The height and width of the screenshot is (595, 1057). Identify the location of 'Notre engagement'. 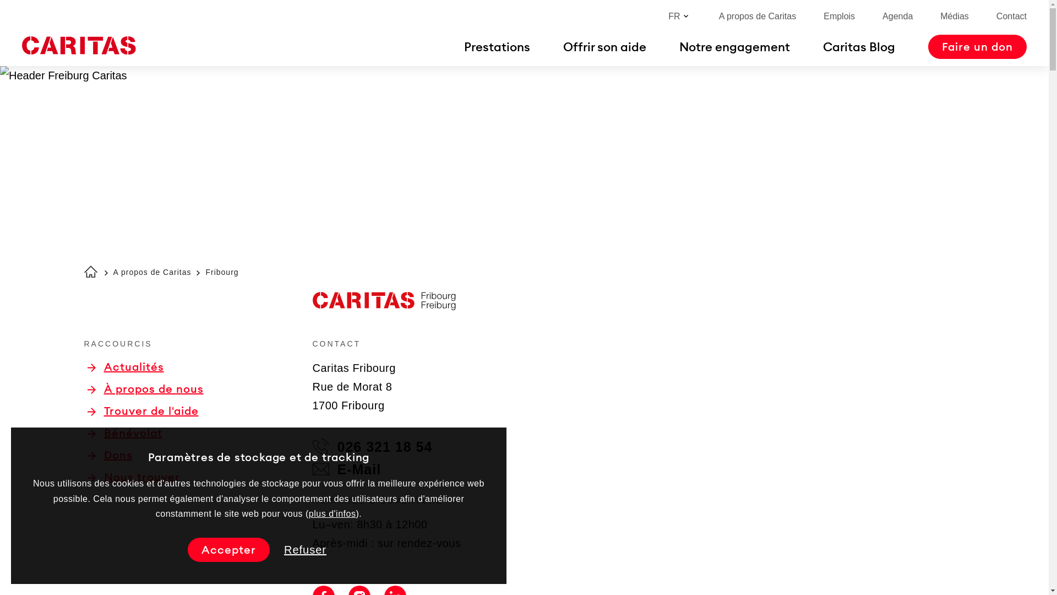
(734, 46).